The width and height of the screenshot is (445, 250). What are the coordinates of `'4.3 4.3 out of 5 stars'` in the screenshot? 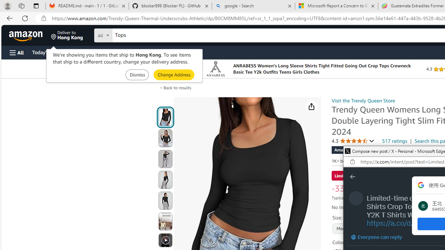 It's located at (353, 141).